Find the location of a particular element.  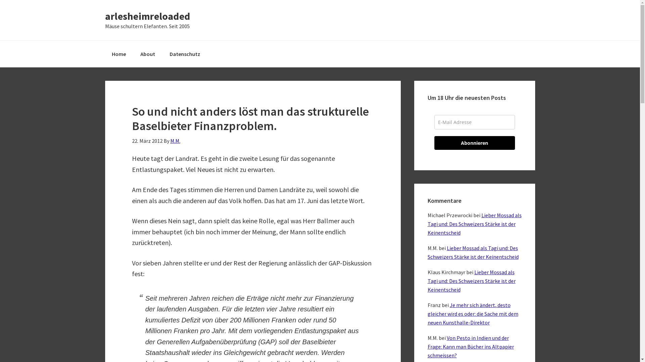

'Home' is located at coordinates (104, 54).